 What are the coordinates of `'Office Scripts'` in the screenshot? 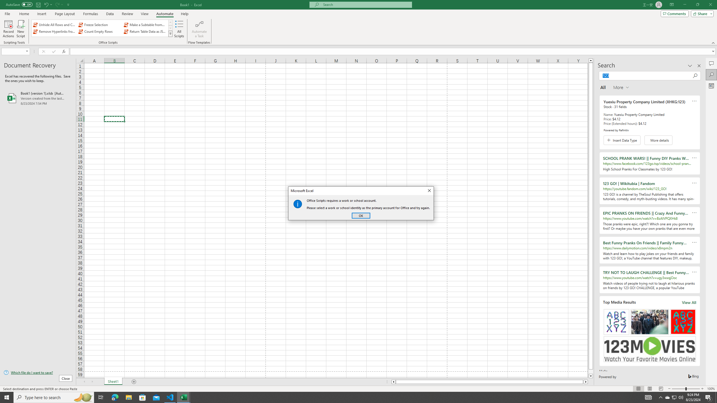 It's located at (170, 33).